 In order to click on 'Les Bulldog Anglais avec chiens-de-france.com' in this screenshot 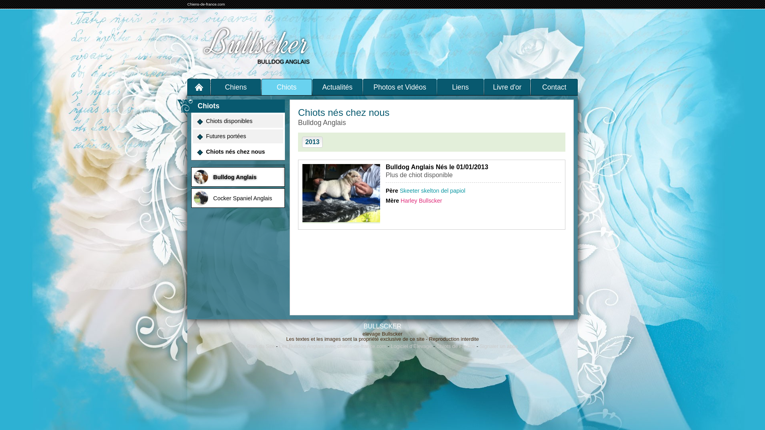, I will do `click(333, 346)`.